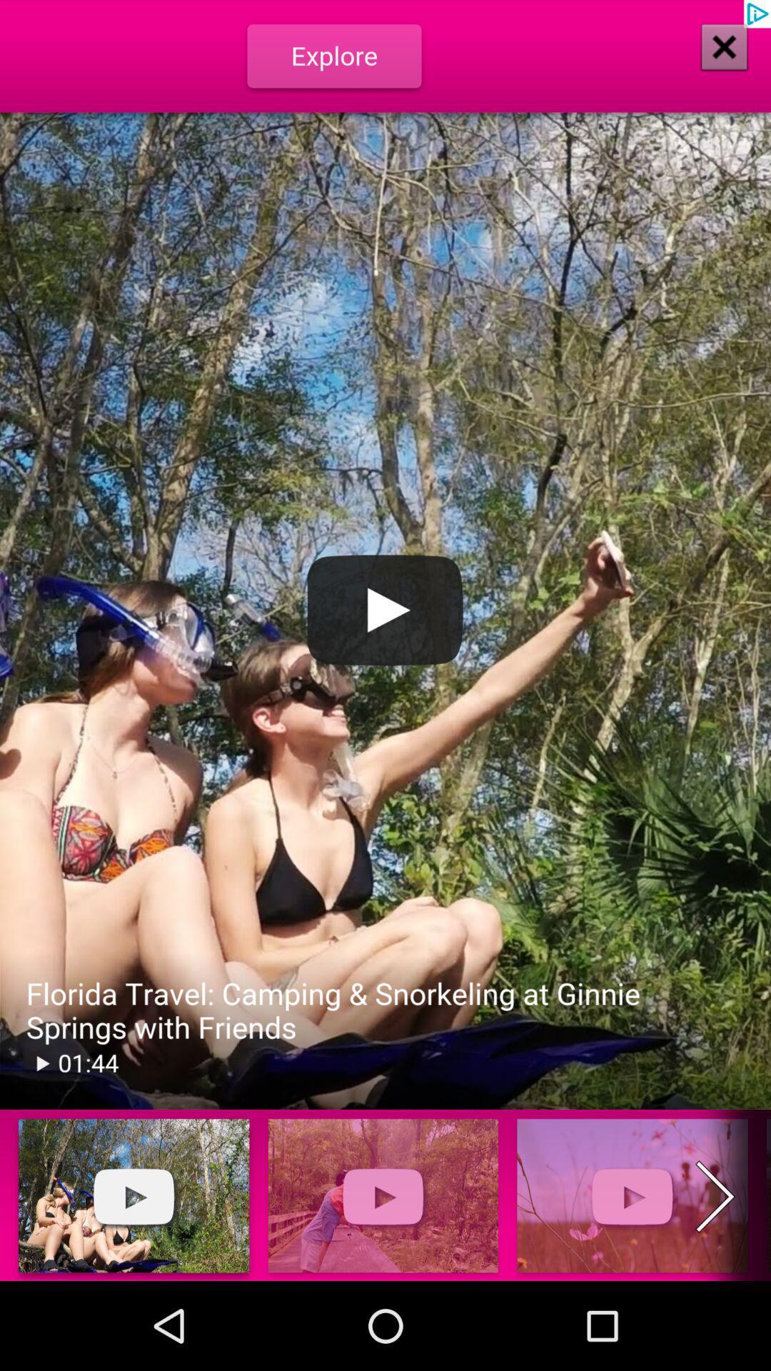  What do you see at coordinates (724, 50) in the screenshot?
I see `the close icon` at bounding box center [724, 50].